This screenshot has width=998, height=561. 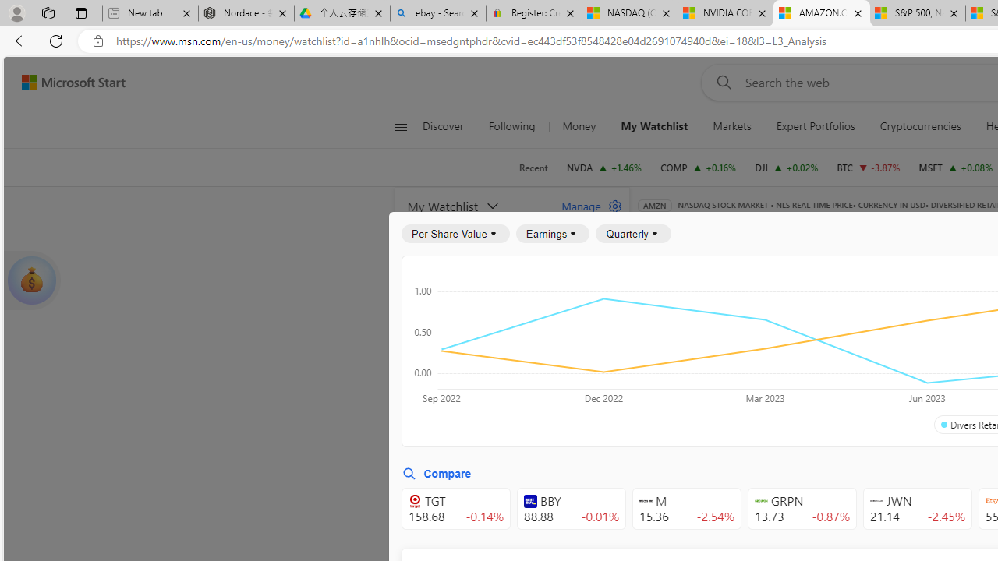 I want to click on 'DJI DOW increase 41,250.50 +9.98 +0.02%', so click(x=787, y=167).